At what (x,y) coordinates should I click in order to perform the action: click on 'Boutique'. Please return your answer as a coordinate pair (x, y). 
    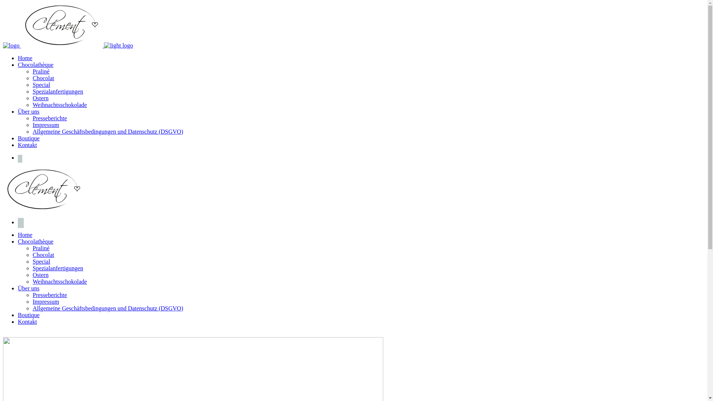
    Looking at the image, I should click on (18, 315).